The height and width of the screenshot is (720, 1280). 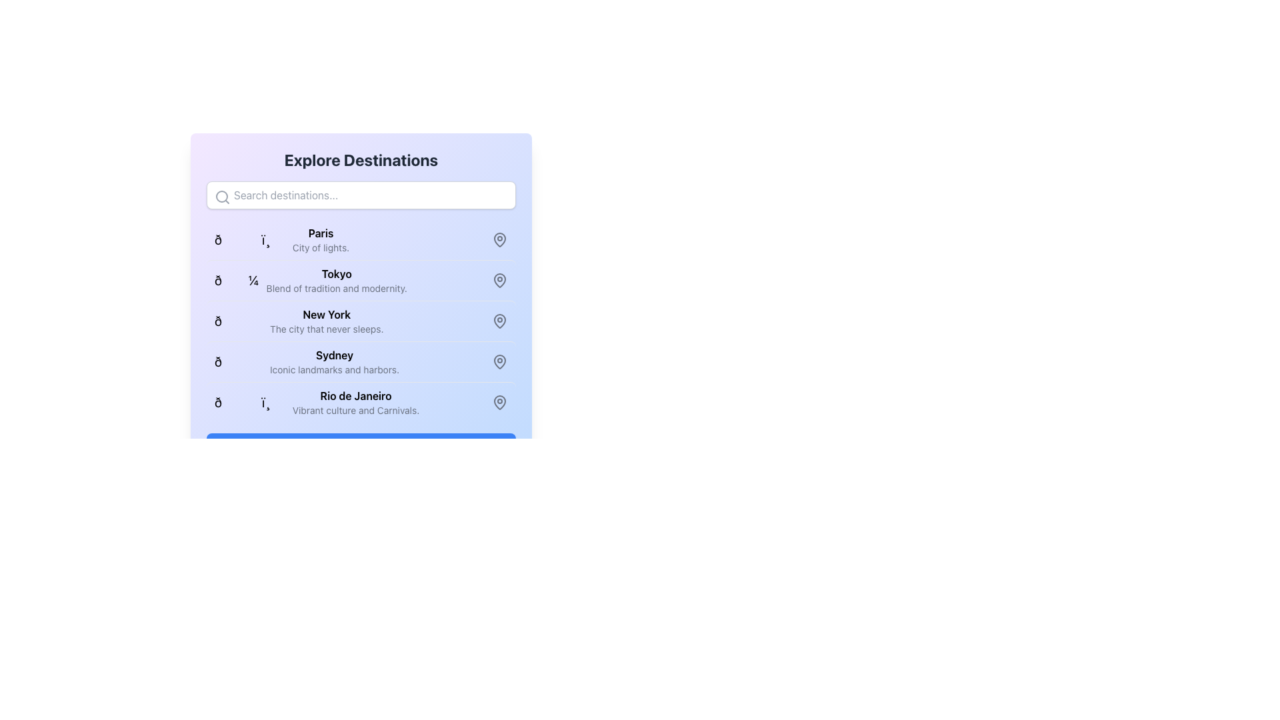 What do you see at coordinates (321, 233) in the screenshot?
I see `the title label for the city destination located near the top section of the list, just beneath the 'Explore Destinations' search bar` at bounding box center [321, 233].